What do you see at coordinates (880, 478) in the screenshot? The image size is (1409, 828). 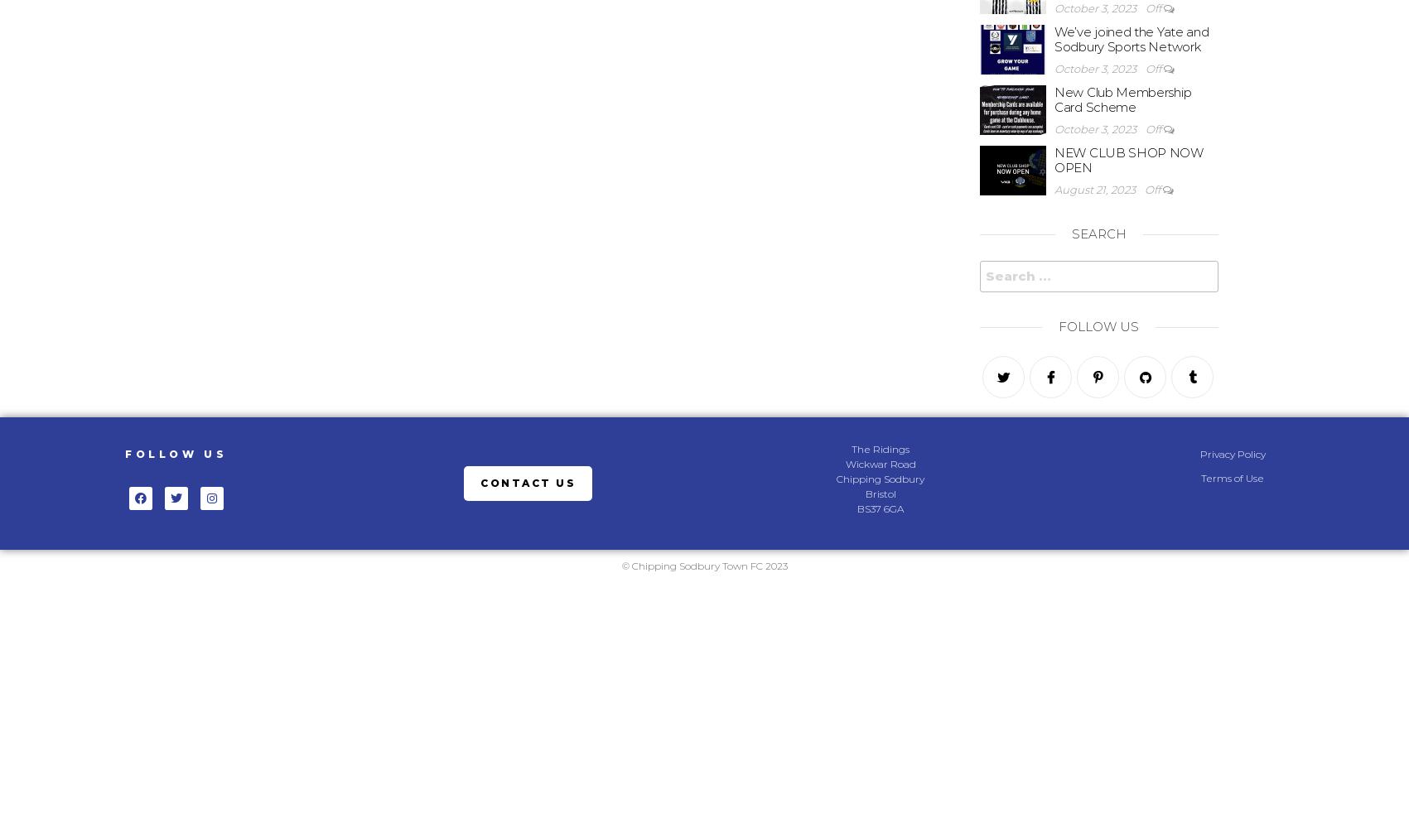 I see `'Chipping Sodbury'` at bounding box center [880, 478].